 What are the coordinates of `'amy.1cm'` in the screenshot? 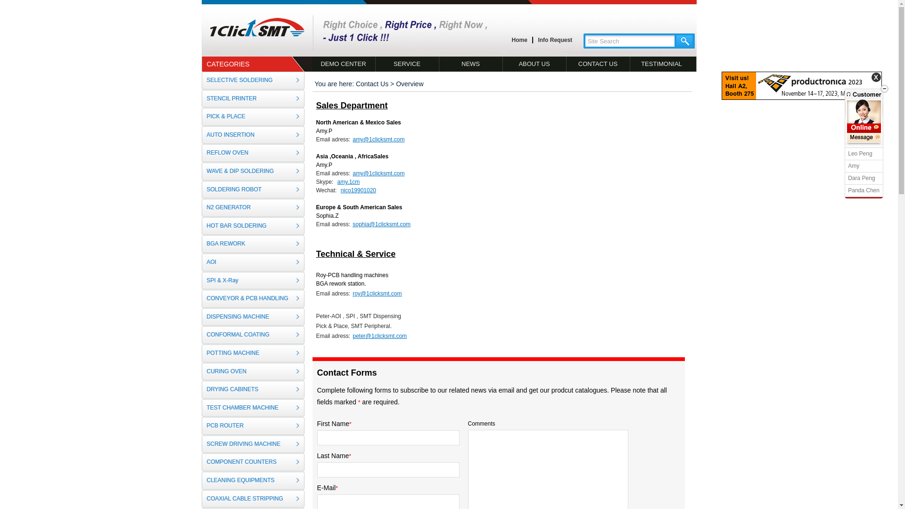 It's located at (347, 181).